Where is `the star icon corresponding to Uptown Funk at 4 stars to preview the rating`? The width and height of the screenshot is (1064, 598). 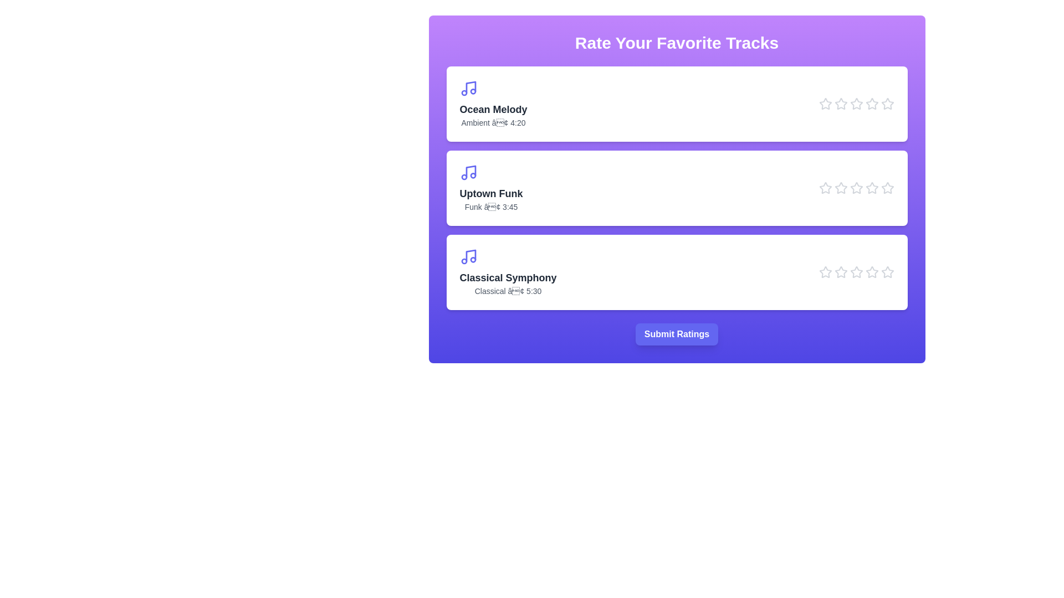 the star icon corresponding to Uptown Funk at 4 stars to preview the rating is located at coordinates (871, 187).